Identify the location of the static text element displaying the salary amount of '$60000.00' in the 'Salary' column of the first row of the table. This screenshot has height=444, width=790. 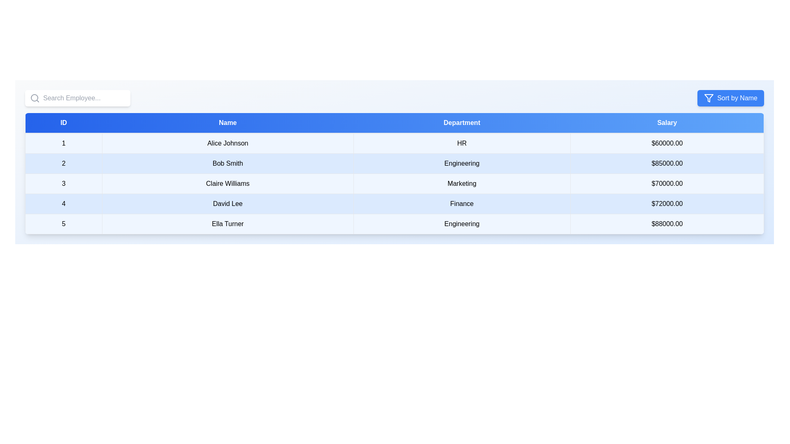
(667, 143).